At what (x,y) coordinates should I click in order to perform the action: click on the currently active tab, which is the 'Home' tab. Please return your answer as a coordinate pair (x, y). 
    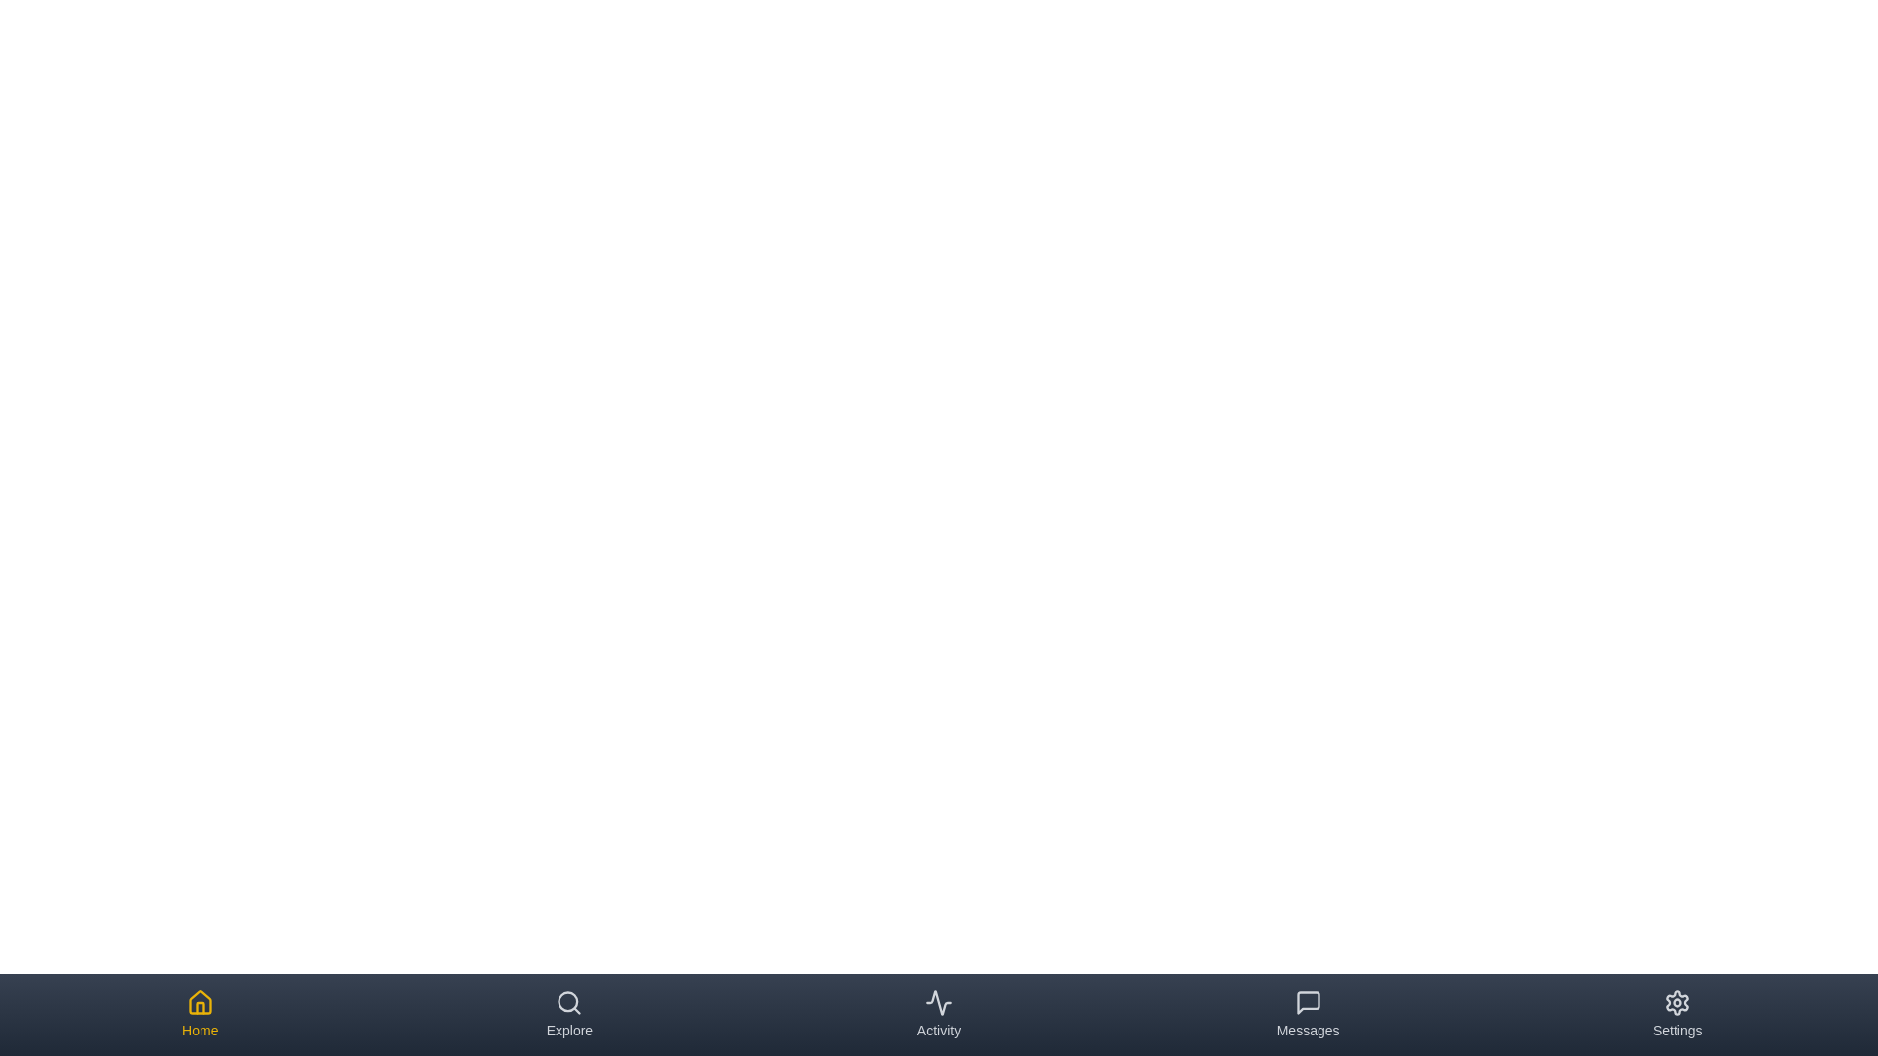
    Looking at the image, I should click on (200, 1013).